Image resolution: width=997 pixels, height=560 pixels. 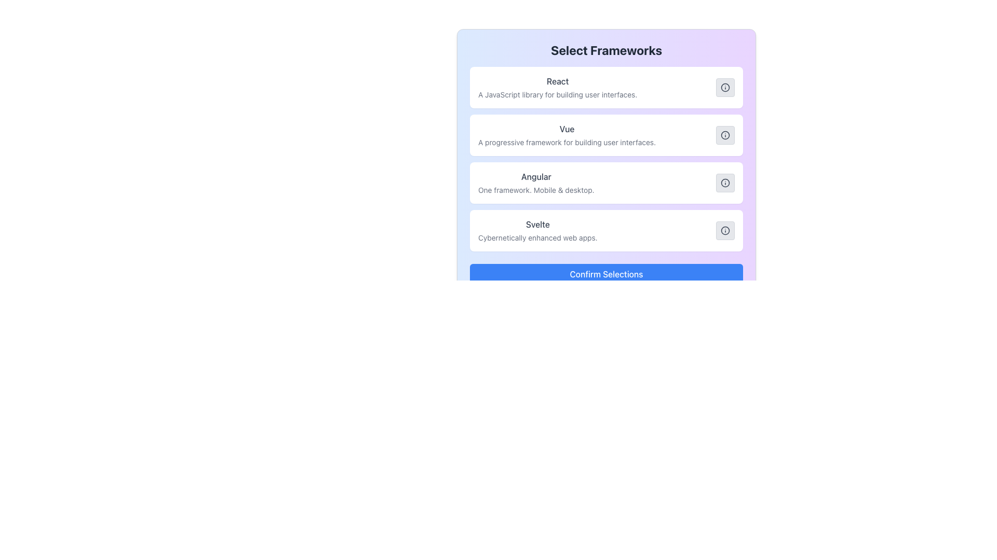 What do you see at coordinates (724, 230) in the screenshot?
I see `the information button located at the far right of the 'Svelte' card` at bounding box center [724, 230].